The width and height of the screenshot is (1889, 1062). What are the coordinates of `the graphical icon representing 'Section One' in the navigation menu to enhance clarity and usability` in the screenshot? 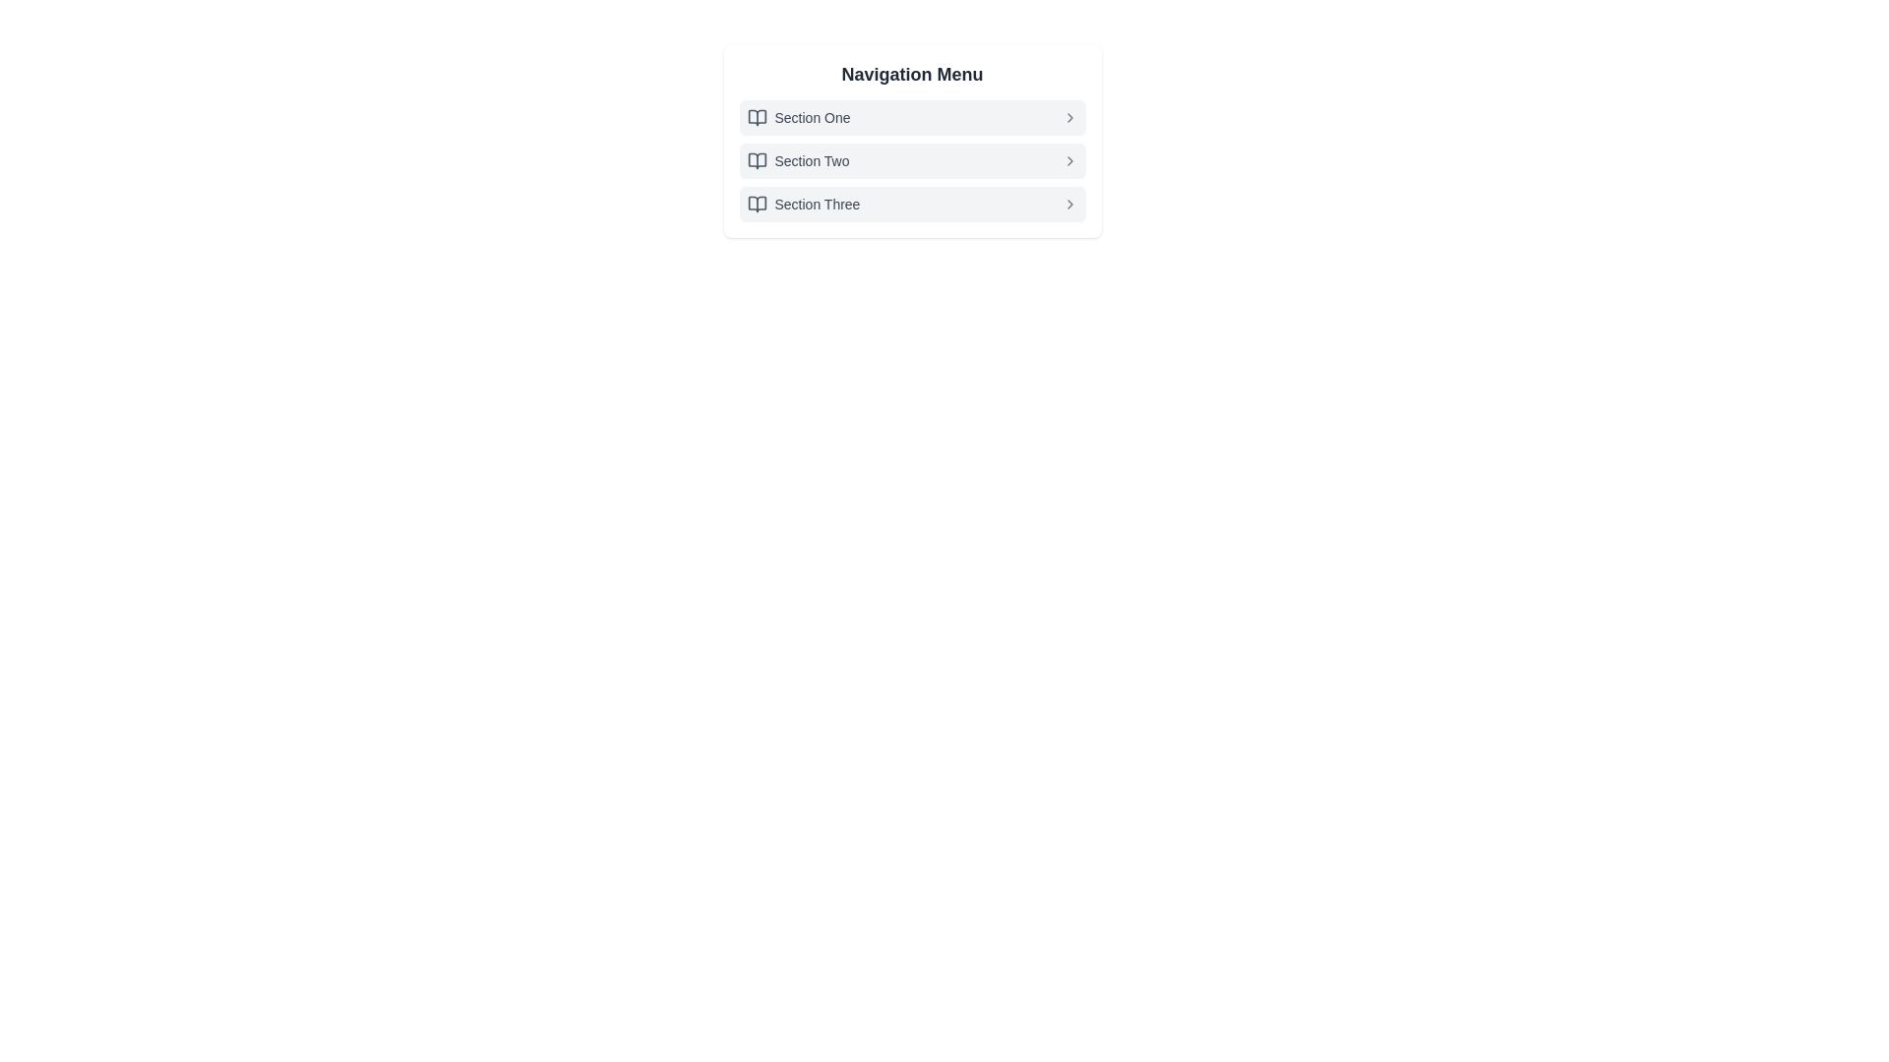 It's located at (756, 117).